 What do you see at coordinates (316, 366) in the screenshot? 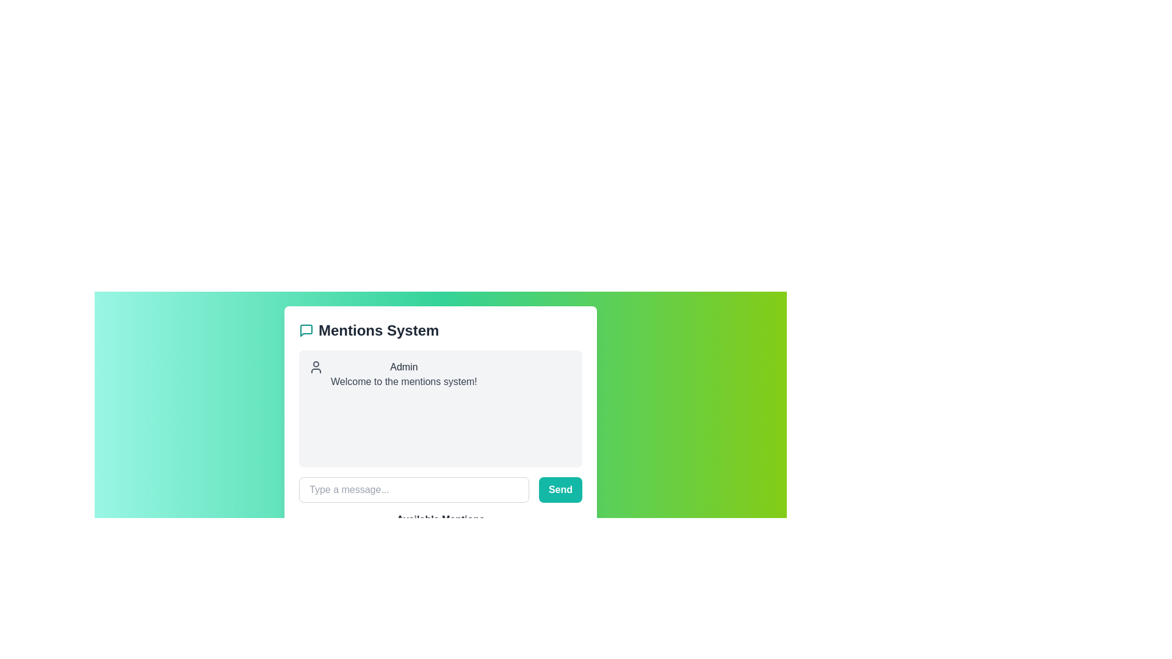
I see `the user icon, which is a minimalistic gray circular head with shoulders, located to the left of the text 'Admin' in the header section of the card-like component` at bounding box center [316, 366].